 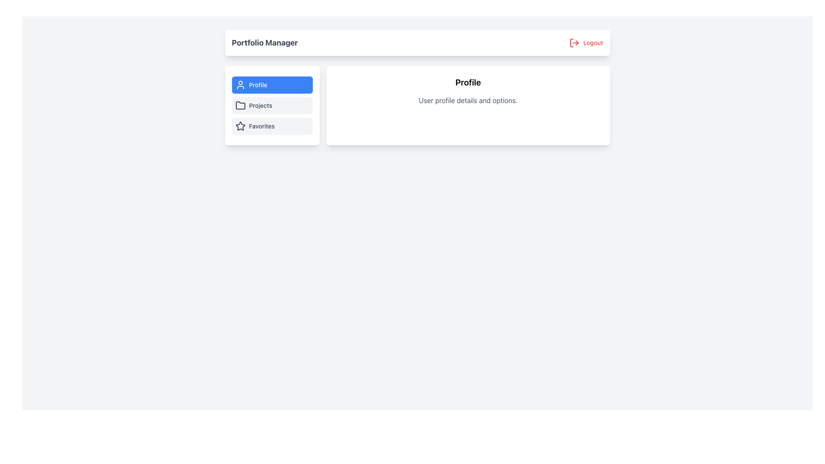 What do you see at coordinates (586, 43) in the screenshot?
I see `the 'Logout' button, which features a red logout icon and the text 'Logout', located at the top-right corner of the white header bar` at bounding box center [586, 43].